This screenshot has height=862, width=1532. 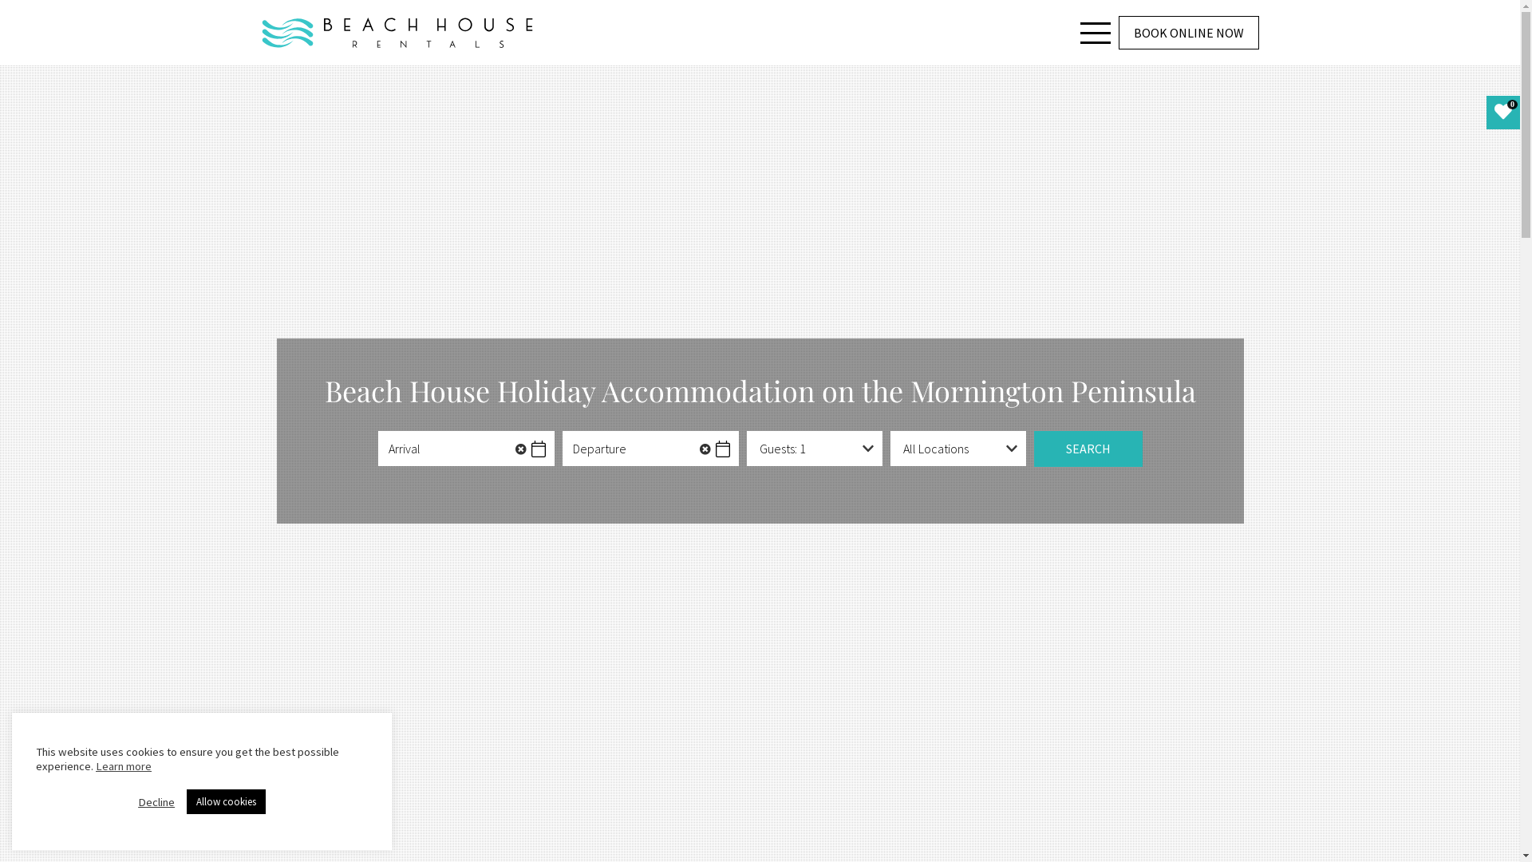 What do you see at coordinates (122, 765) in the screenshot?
I see `'Learn more'` at bounding box center [122, 765].